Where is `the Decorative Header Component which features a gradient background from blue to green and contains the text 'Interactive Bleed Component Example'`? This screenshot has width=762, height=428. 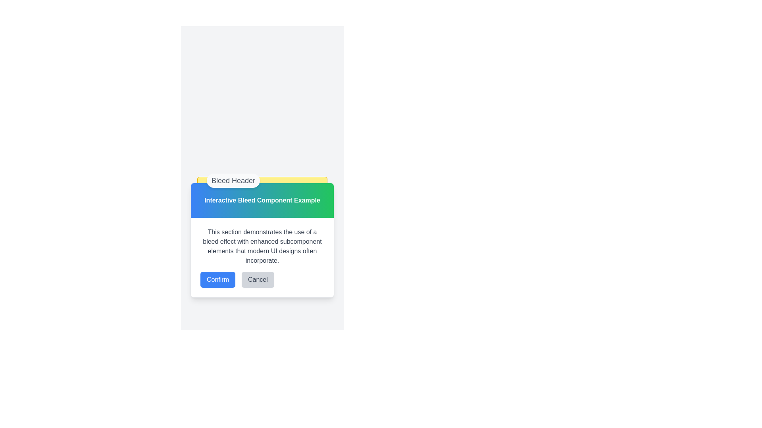
the Decorative Header Component which features a gradient background from blue to green and contains the text 'Interactive Bleed Component Example' is located at coordinates (262, 200).